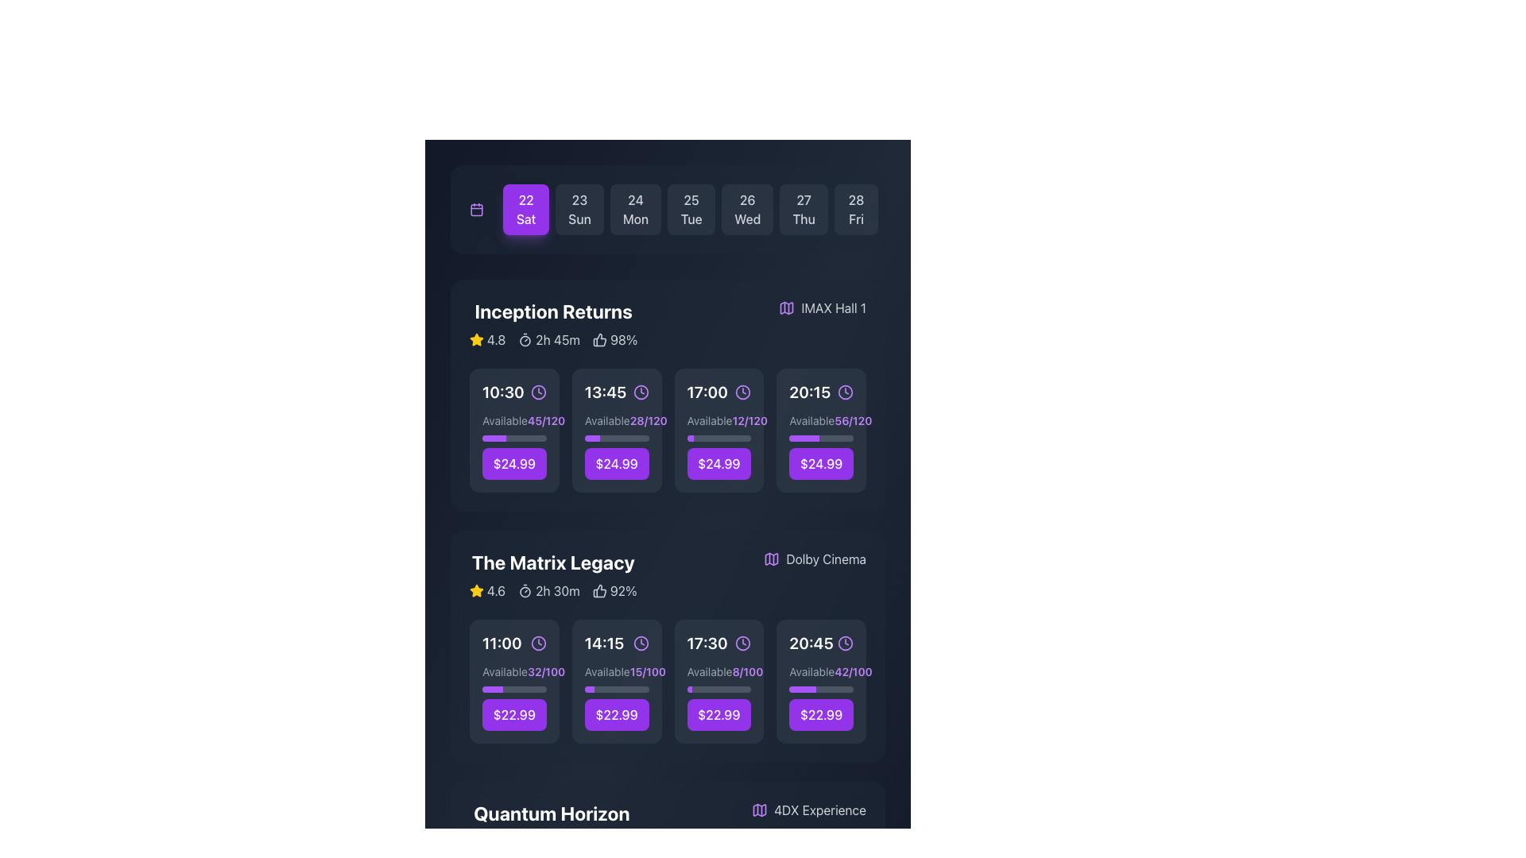  What do you see at coordinates (823, 308) in the screenshot?
I see `the label with an icon indicating the location of the movie 'Inception Returns', located in the upper-right section adjacent to the movie's duration and rating` at bounding box center [823, 308].